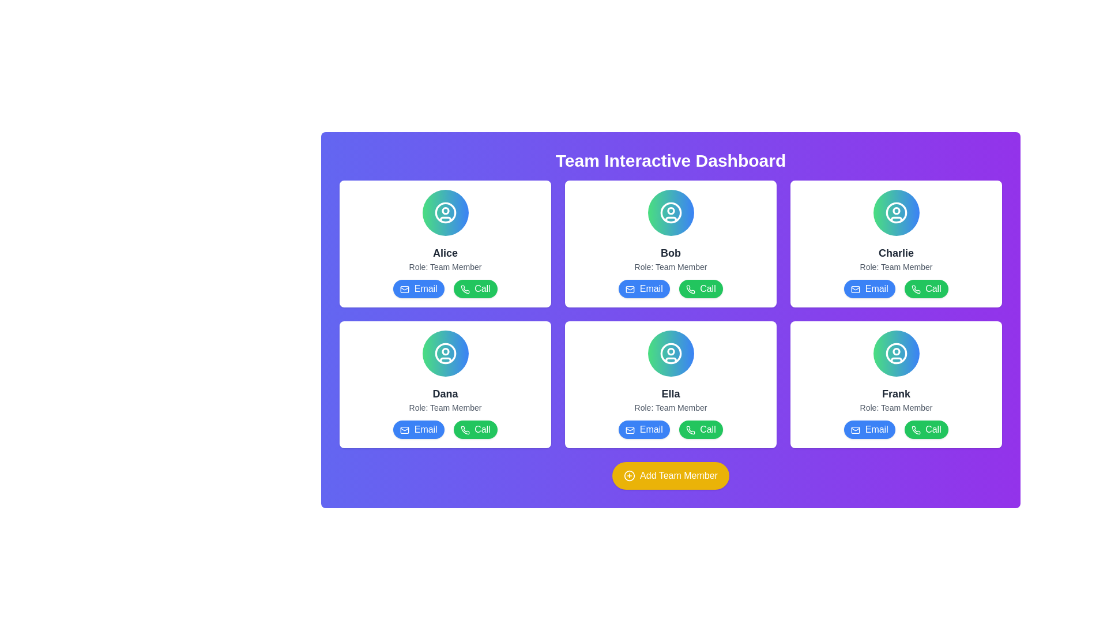 The image size is (1107, 623). I want to click on the button located at the bottom of the dashboard, so click(671, 476).